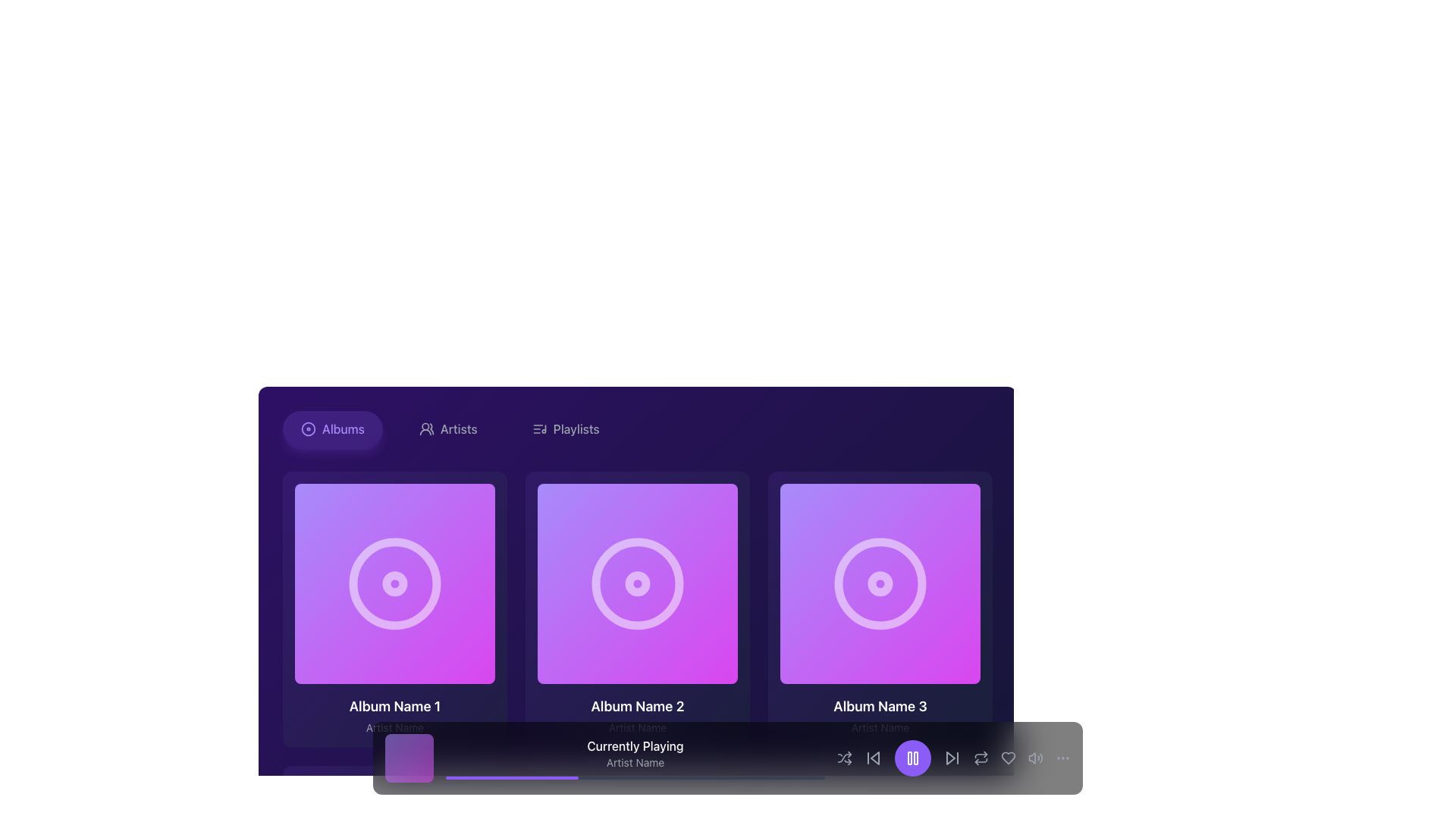 The image size is (1456, 819). What do you see at coordinates (880, 583) in the screenshot?
I see `the clickable interactive media object representing the album cover` at bounding box center [880, 583].